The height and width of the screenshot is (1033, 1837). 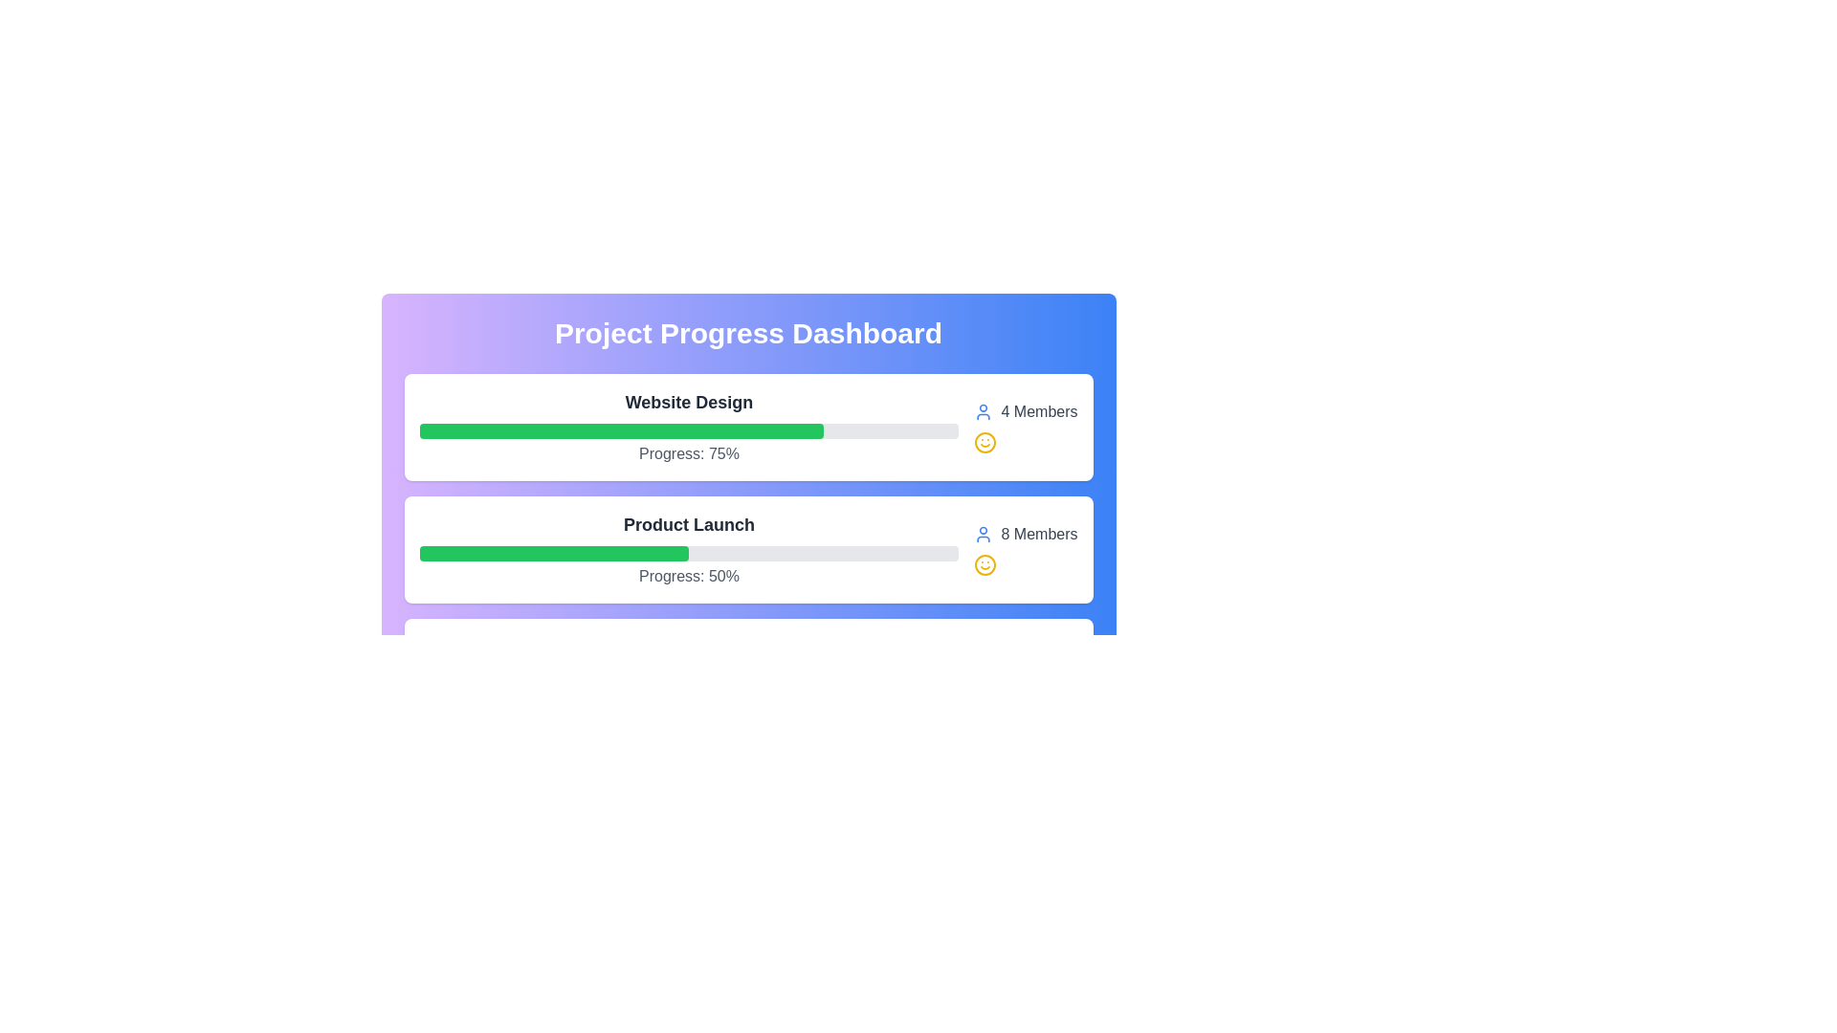 I want to click on the blue minimalist outline user icon representing a person, located to the left of the '4 Members' text within the card layout labeled 'Website Design', so click(x=984, y=411).